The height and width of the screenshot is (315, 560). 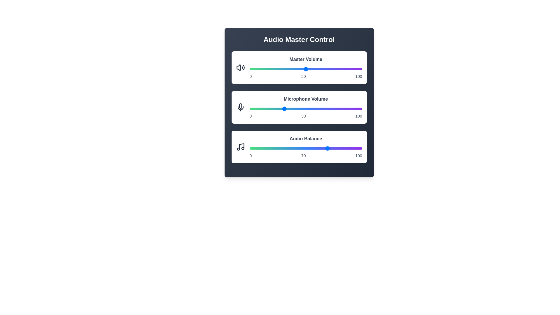 I want to click on the Audio Balance slider to 22%, so click(x=274, y=148).